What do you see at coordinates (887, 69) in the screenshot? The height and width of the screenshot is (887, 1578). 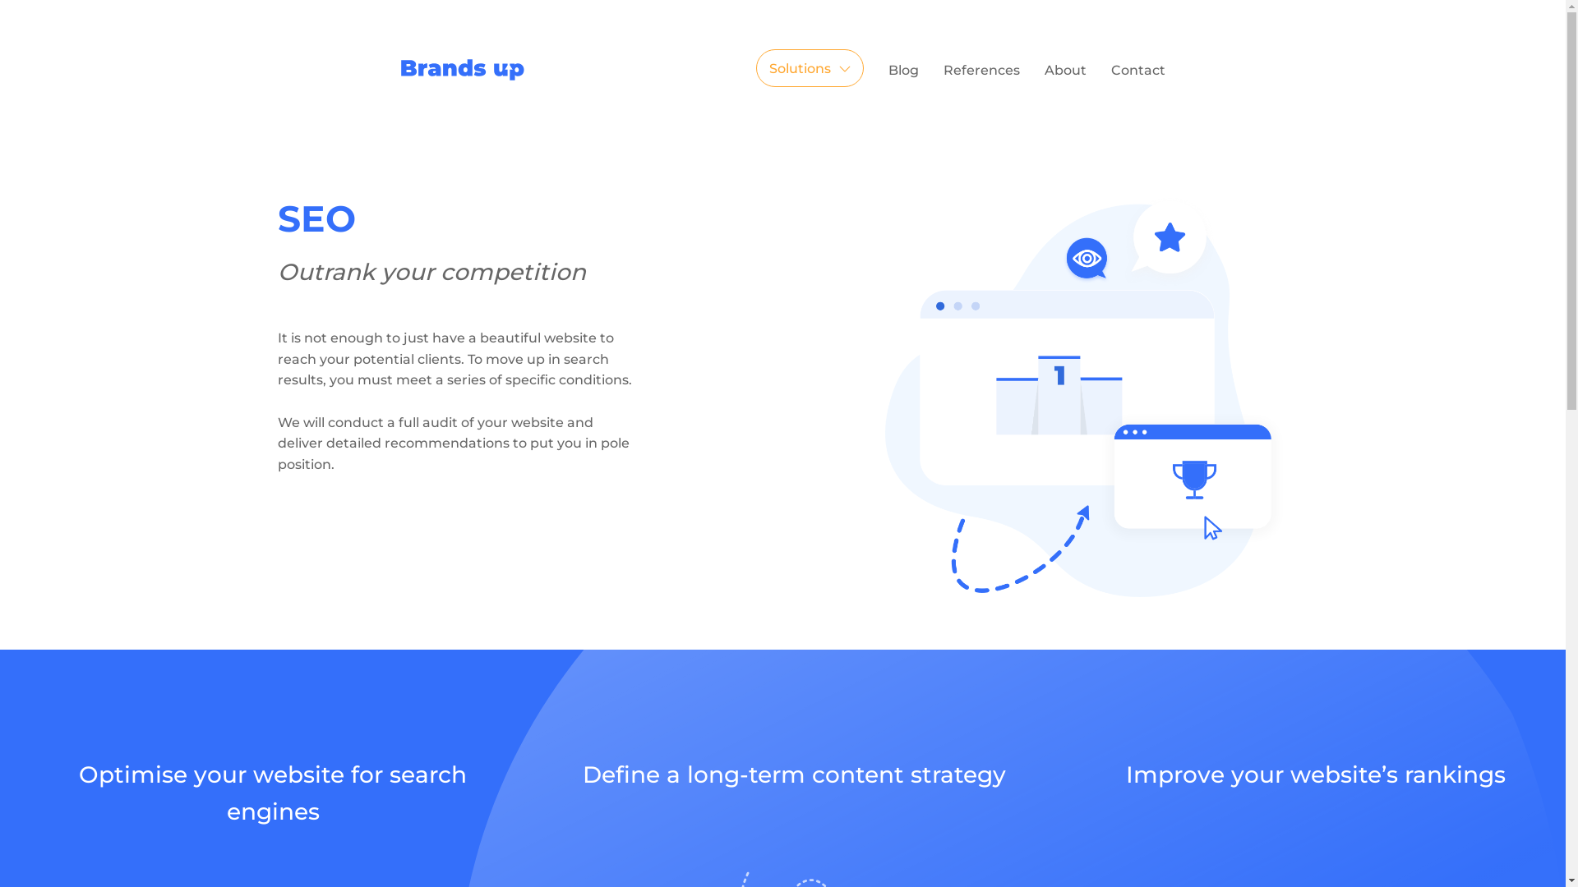 I see `'Blog'` at bounding box center [887, 69].